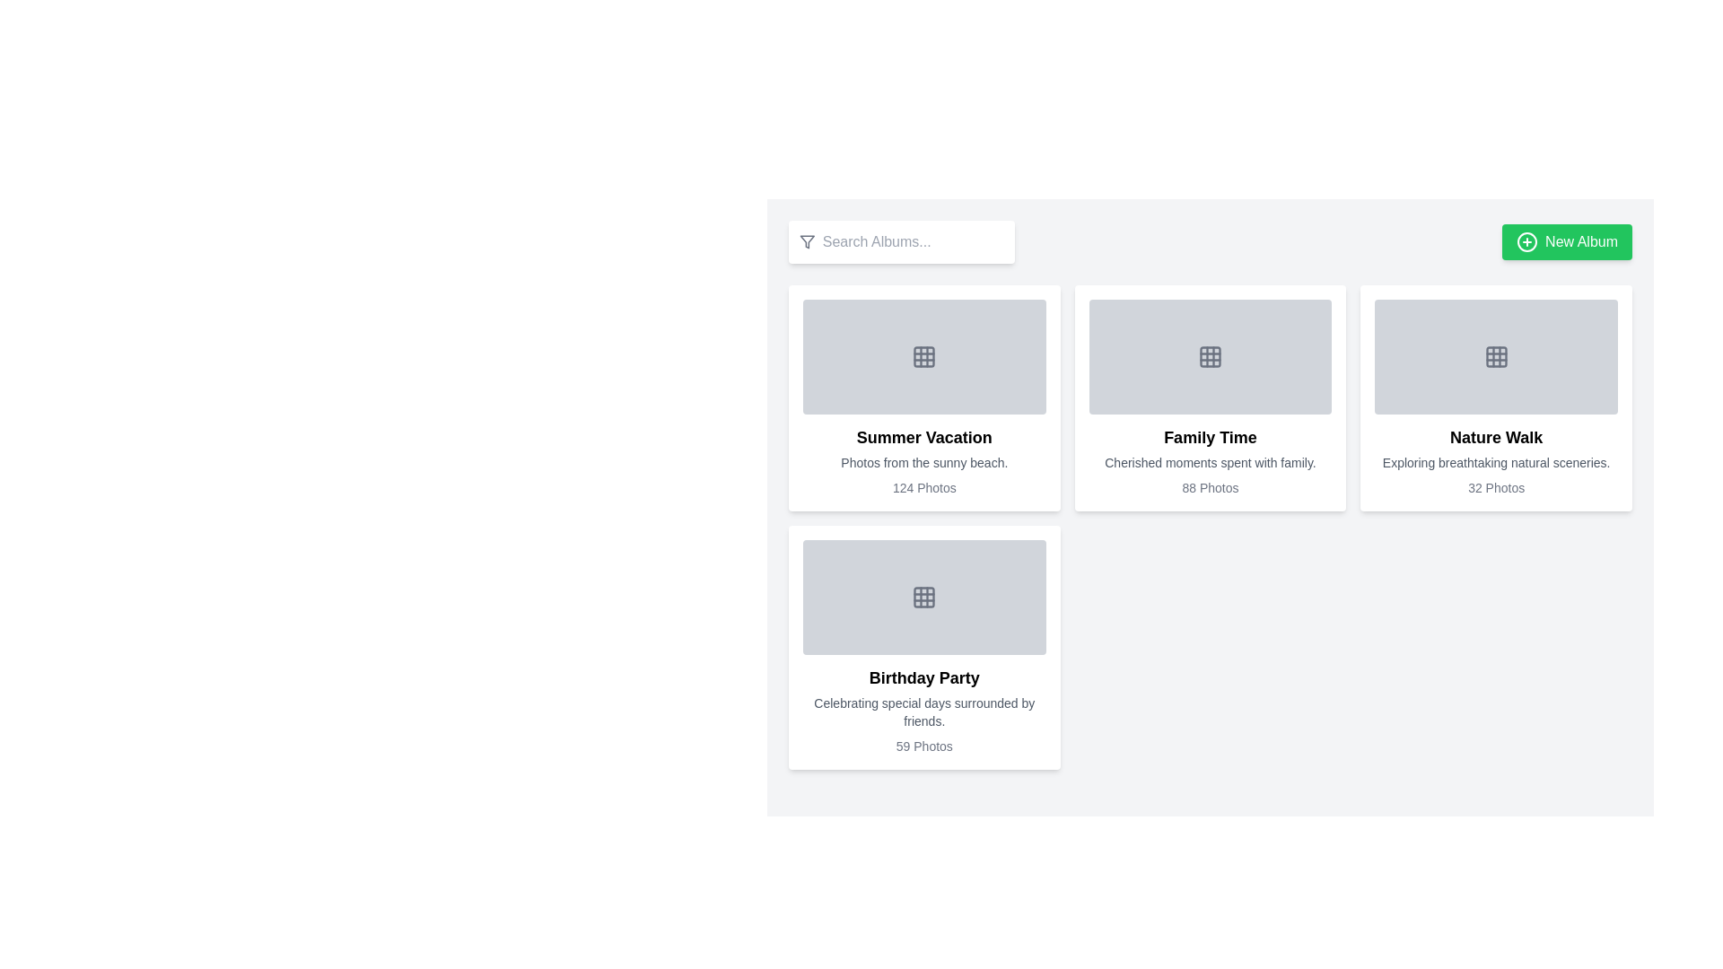 This screenshot has width=1723, height=969. Describe the element at coordinates (924, 746) in the screenshot. I see `the text label displaying '59 Photos' located at the bottom of the 'Birthday Party' card, beneath the description 'Celebrating special days surrounded by friends.'` at that location.